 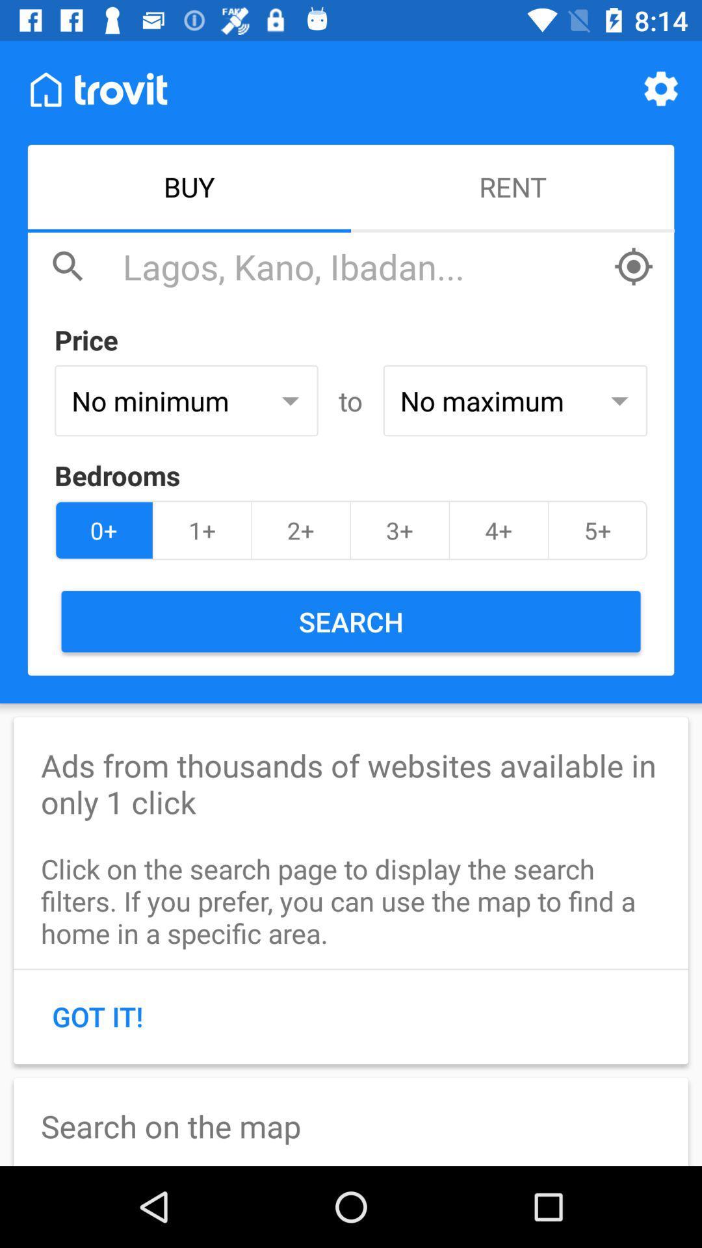 I want to click on icon to the right of 3+, so click(x=498, y=530).